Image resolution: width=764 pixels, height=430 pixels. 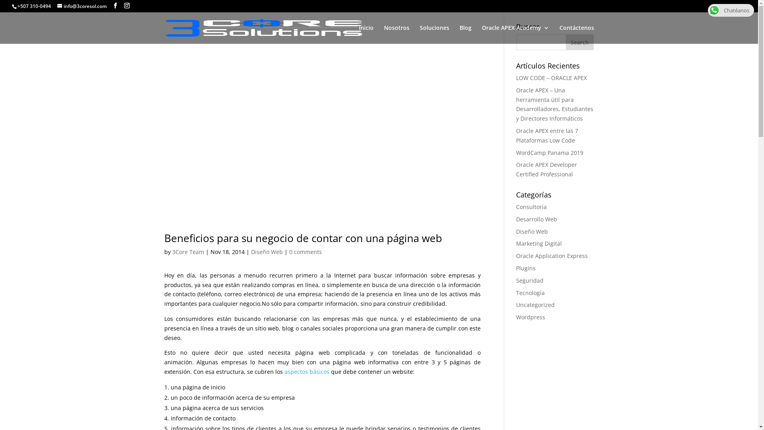 What do you see at coordinates (82, 6) in the screenshot?
I see `'info@3coresol.com'` at bounding box center [82, 6].